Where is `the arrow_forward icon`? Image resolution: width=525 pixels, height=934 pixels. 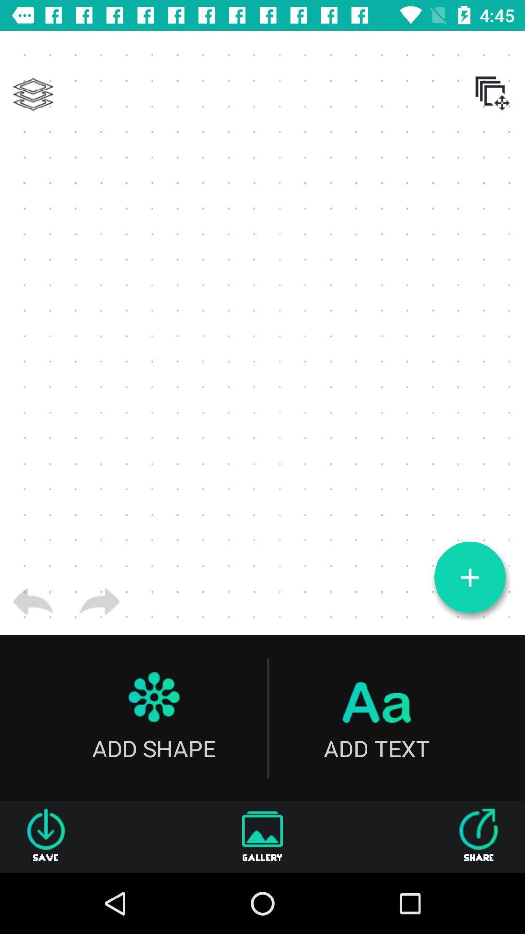 the arrow_forward icon is located at coordinates (99, 601).